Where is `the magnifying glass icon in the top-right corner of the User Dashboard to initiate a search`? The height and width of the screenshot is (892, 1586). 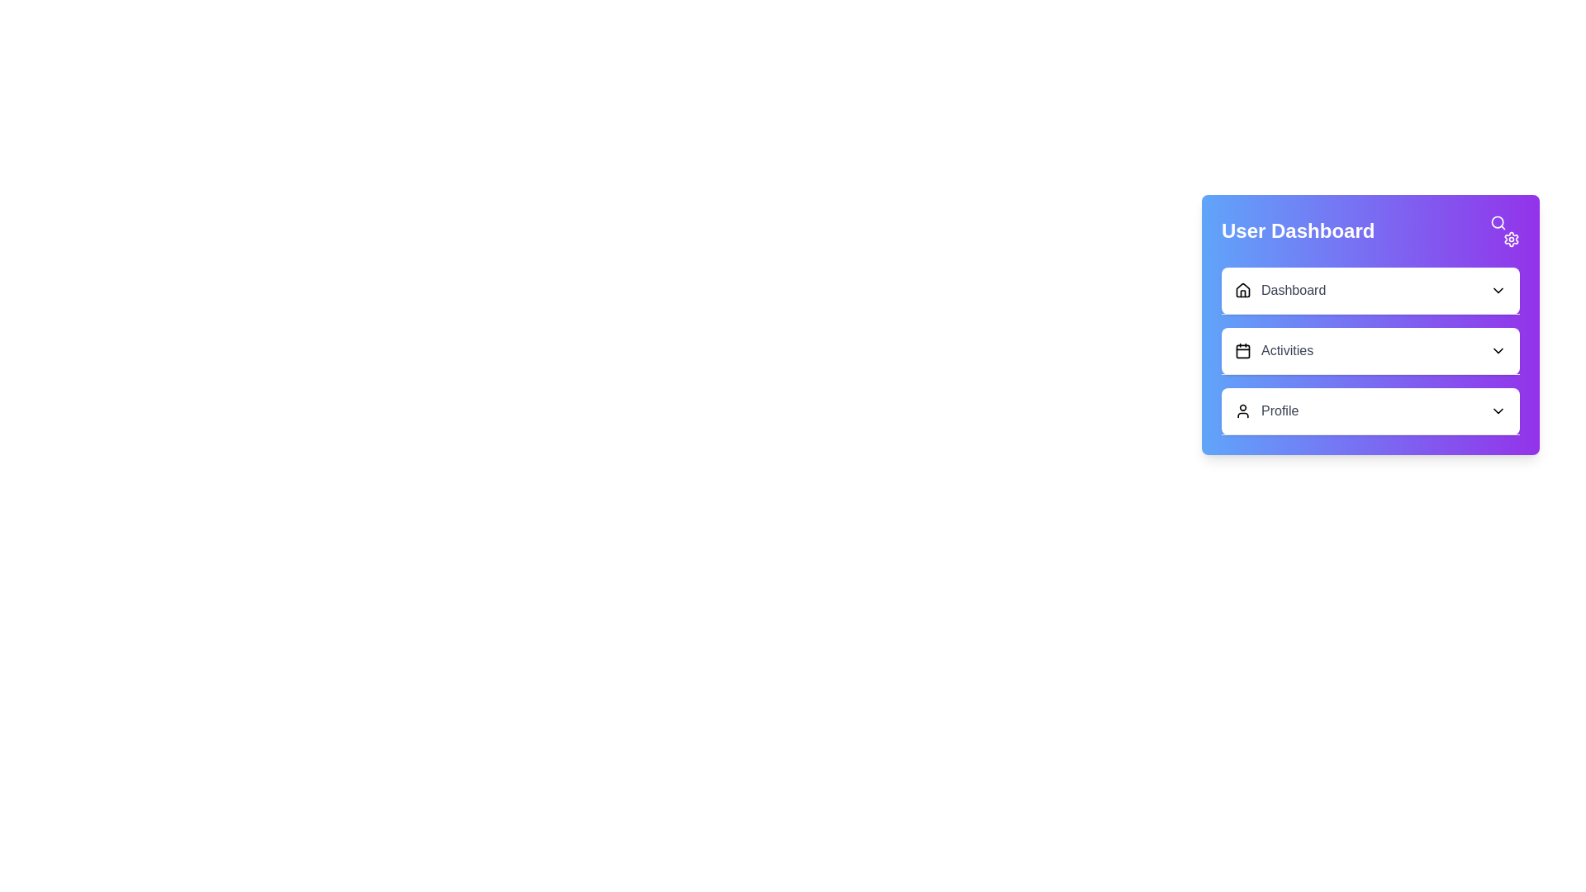 the magnifying glass icon in the top-right corner of the User Dashboard to initiate a search is located at coordinates (1505, 231).